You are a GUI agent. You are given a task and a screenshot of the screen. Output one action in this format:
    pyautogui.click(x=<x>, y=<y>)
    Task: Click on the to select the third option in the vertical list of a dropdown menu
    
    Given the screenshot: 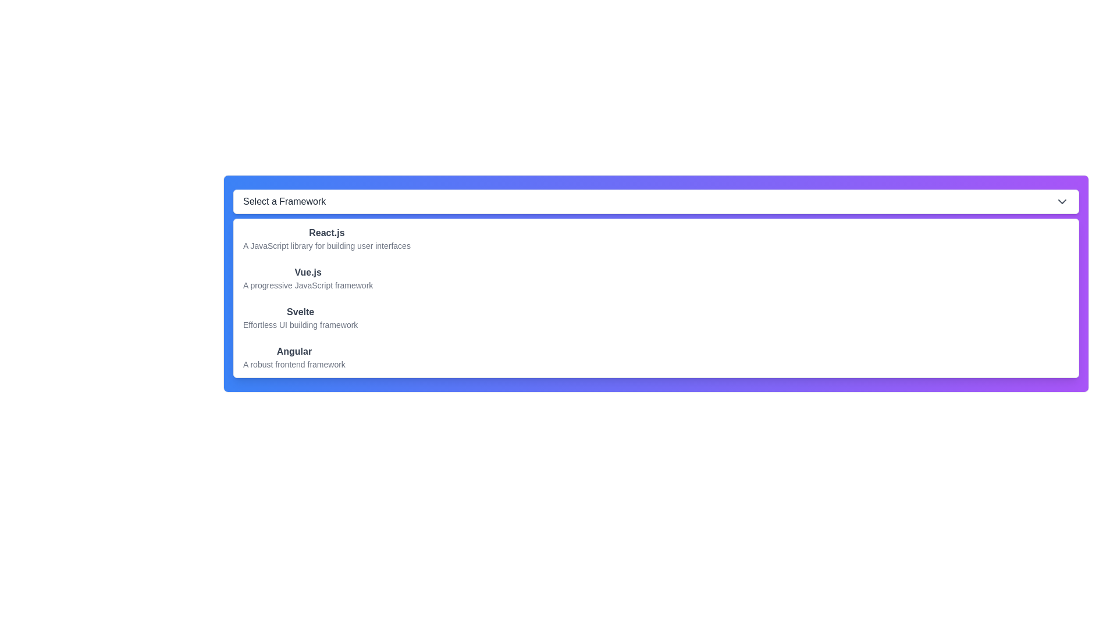 What is the action you would take?
    pyautogui.click(x=656, y=318)
    